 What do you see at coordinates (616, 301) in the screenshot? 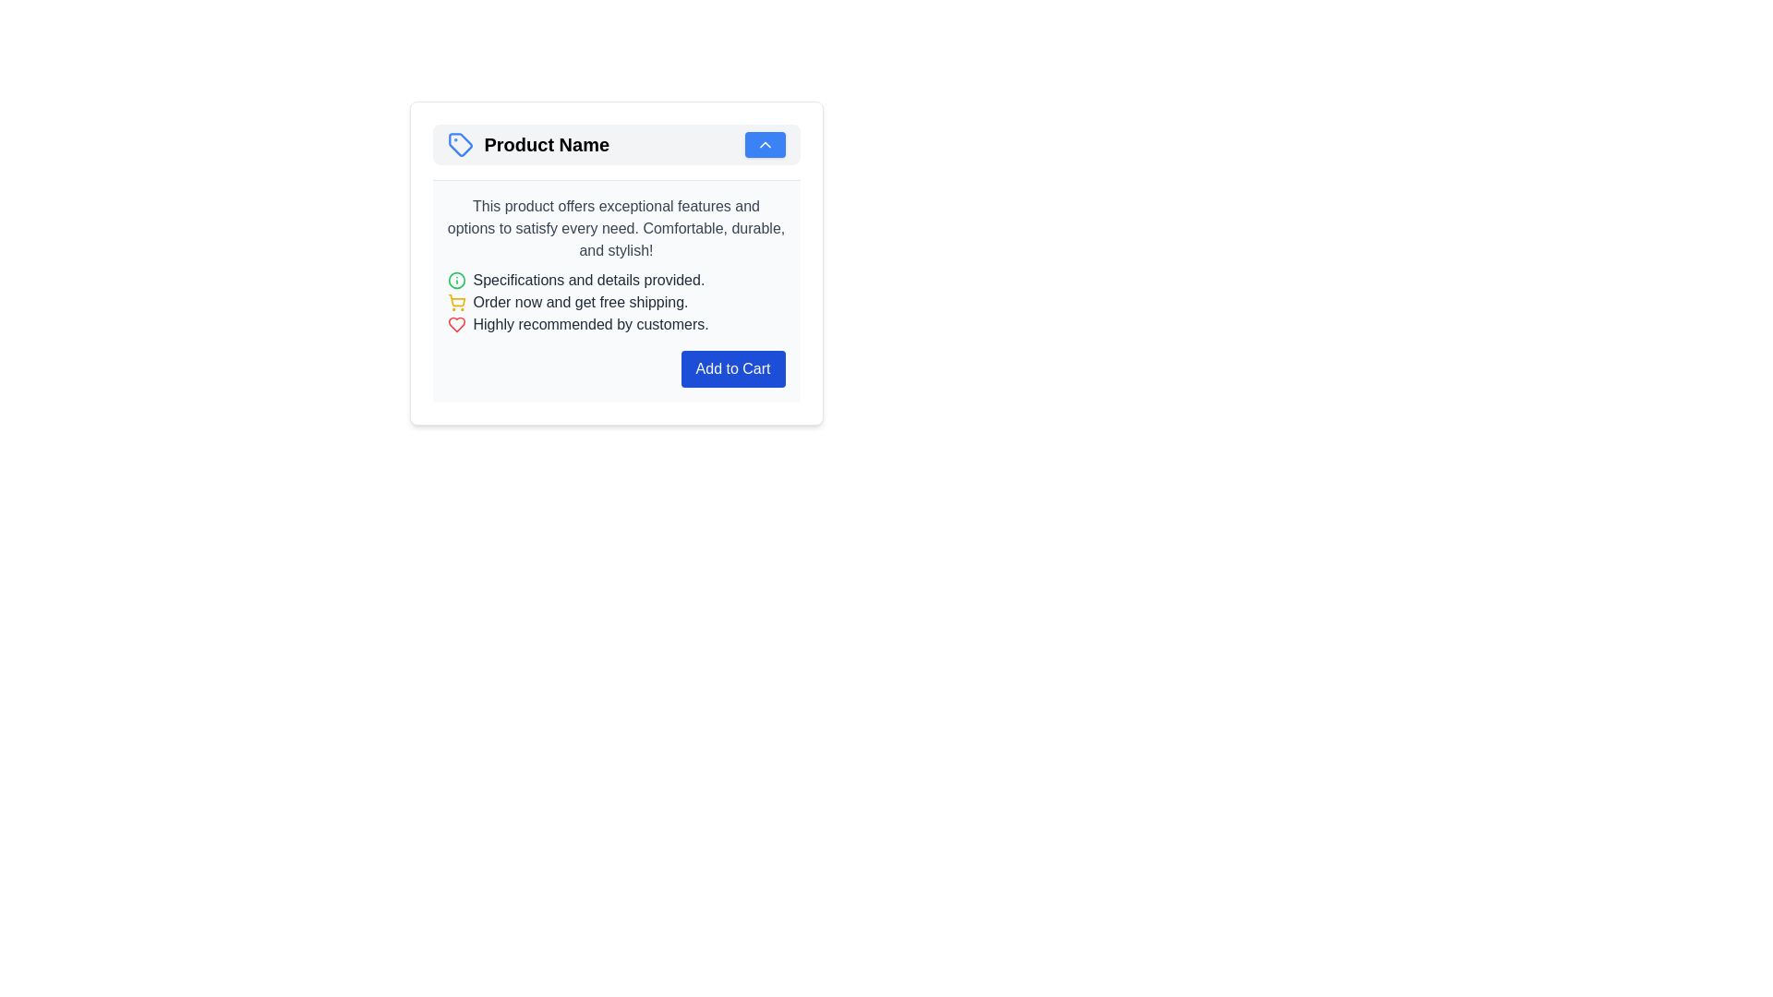
I see `the textual informational block displaying 'Specifications and details provided. Order now and get free shipping. Highly recommended by customers.' to emphasize the information` at bounding box center [616, 301].